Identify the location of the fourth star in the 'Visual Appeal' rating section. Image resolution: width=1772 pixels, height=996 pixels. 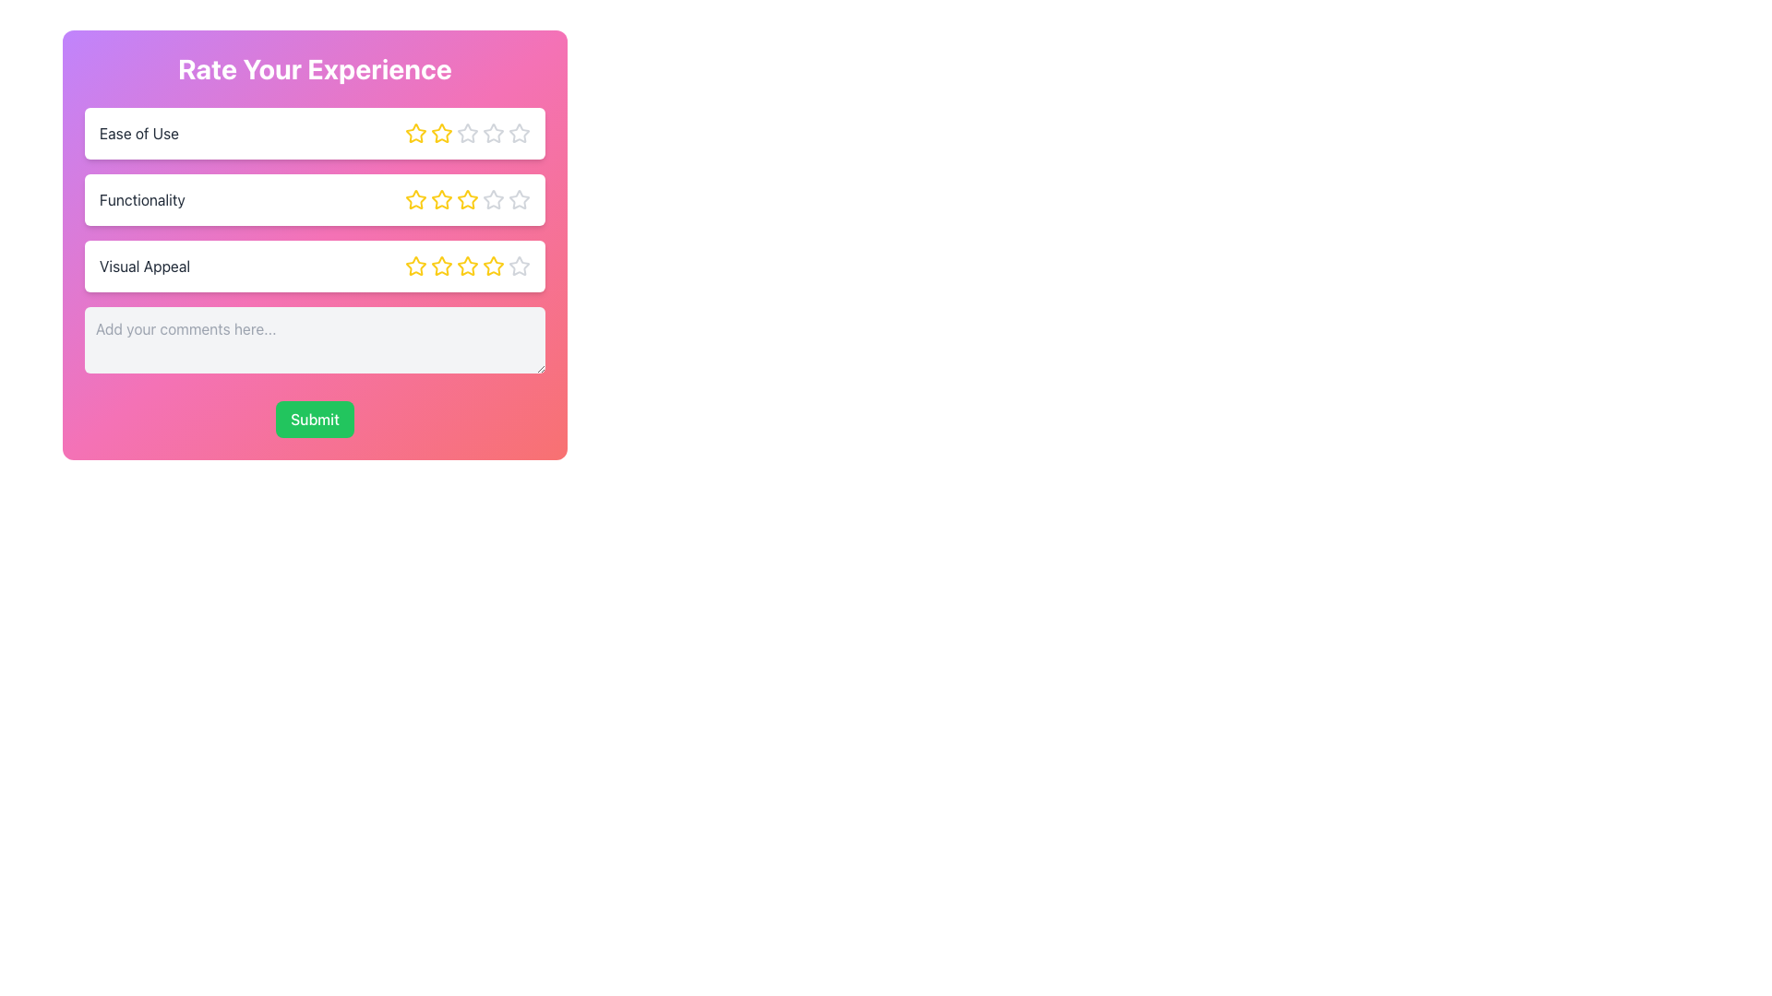
(468, 266).